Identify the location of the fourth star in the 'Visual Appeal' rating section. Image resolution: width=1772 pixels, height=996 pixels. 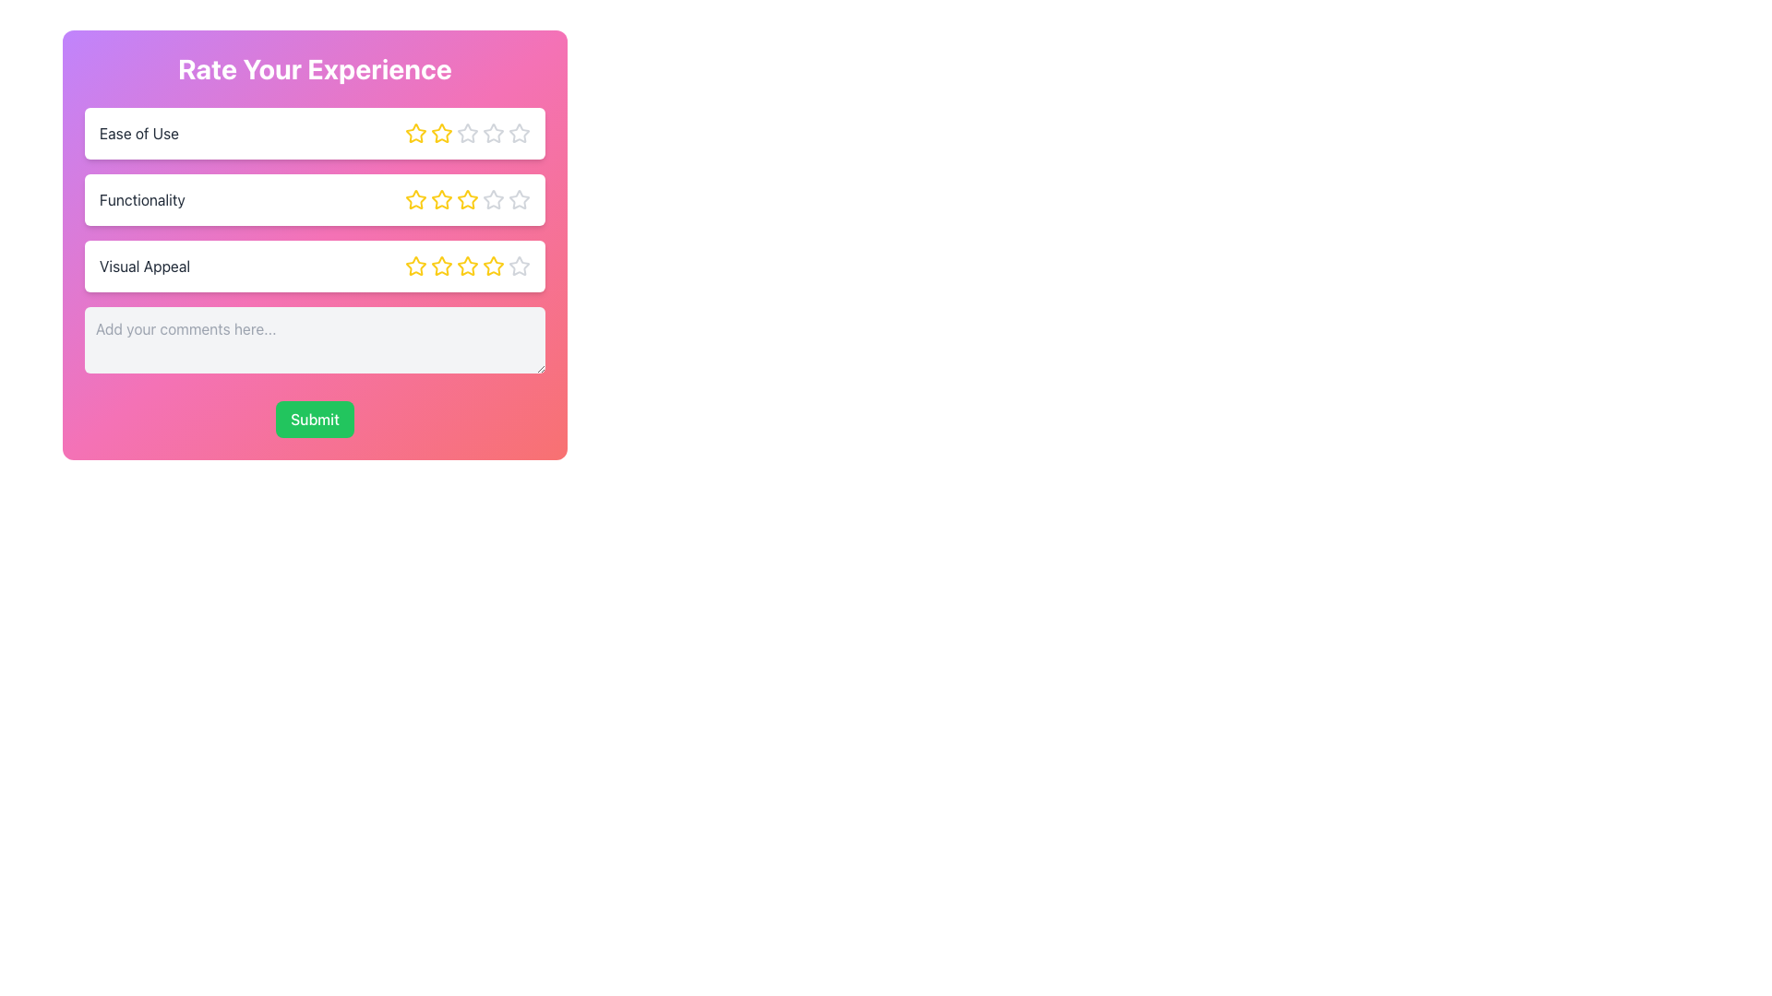
(468, 266).